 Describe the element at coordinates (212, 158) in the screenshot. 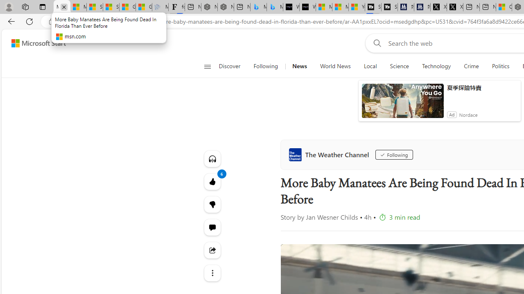

I see `'Listen to this article'` at that location.